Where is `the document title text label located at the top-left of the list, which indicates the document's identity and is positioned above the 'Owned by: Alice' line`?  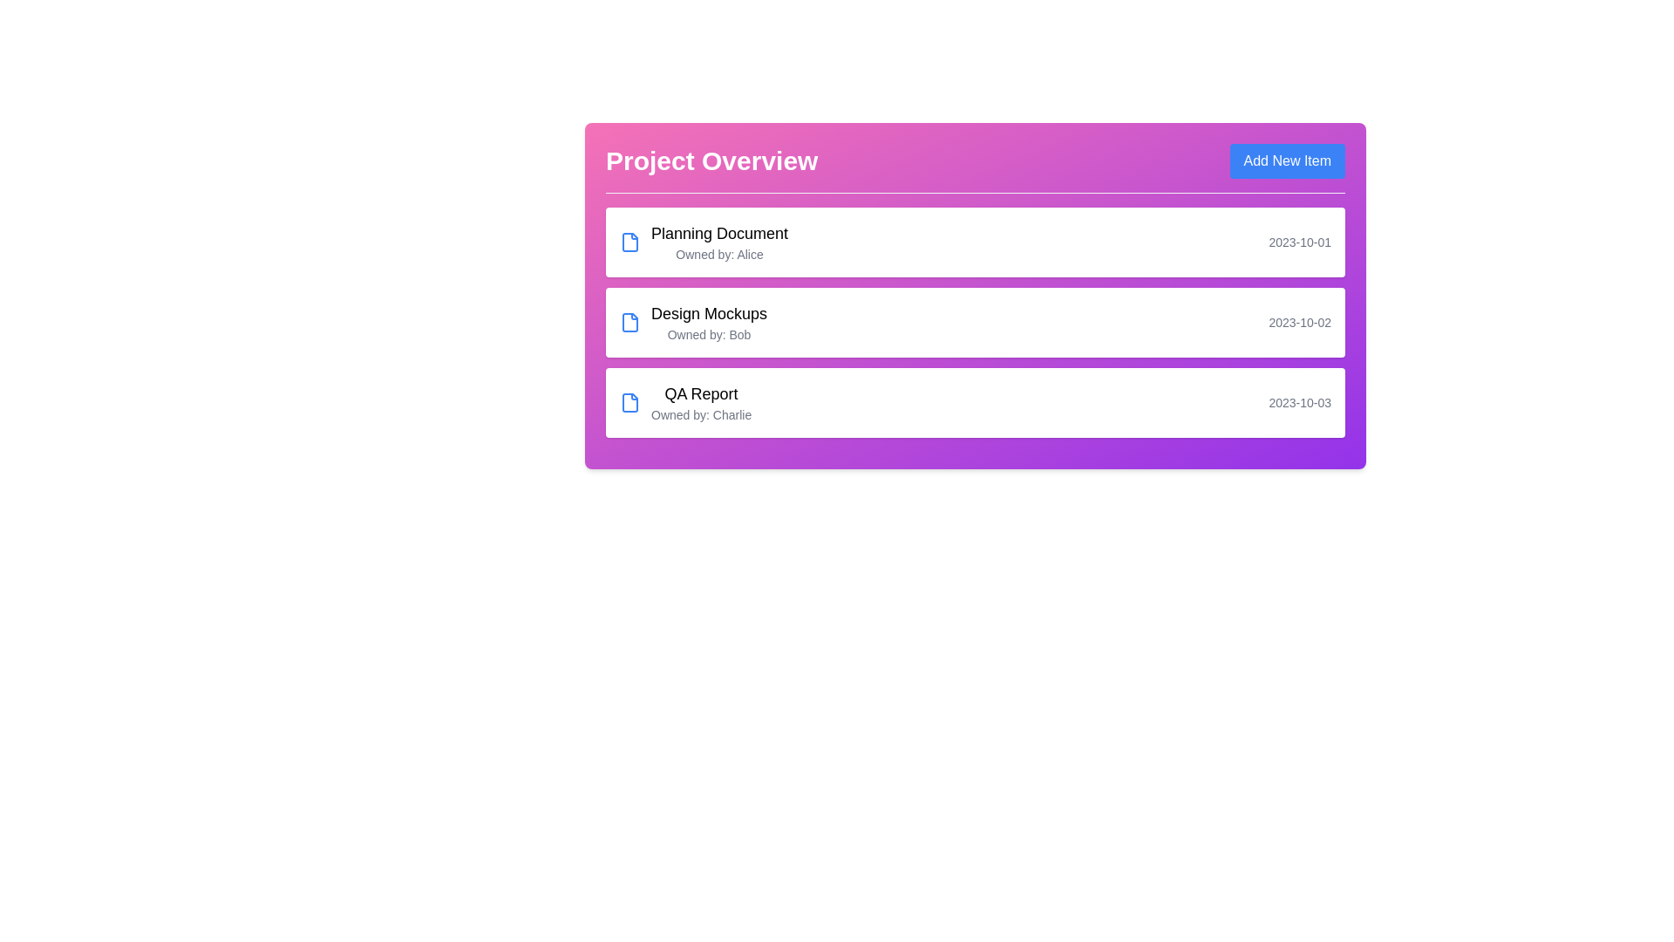
the document title text label located at the top-left of the list, which indicates the document's identity and is positioned above the 'Owned by: Alice' line is located at coordinates (719, 232).